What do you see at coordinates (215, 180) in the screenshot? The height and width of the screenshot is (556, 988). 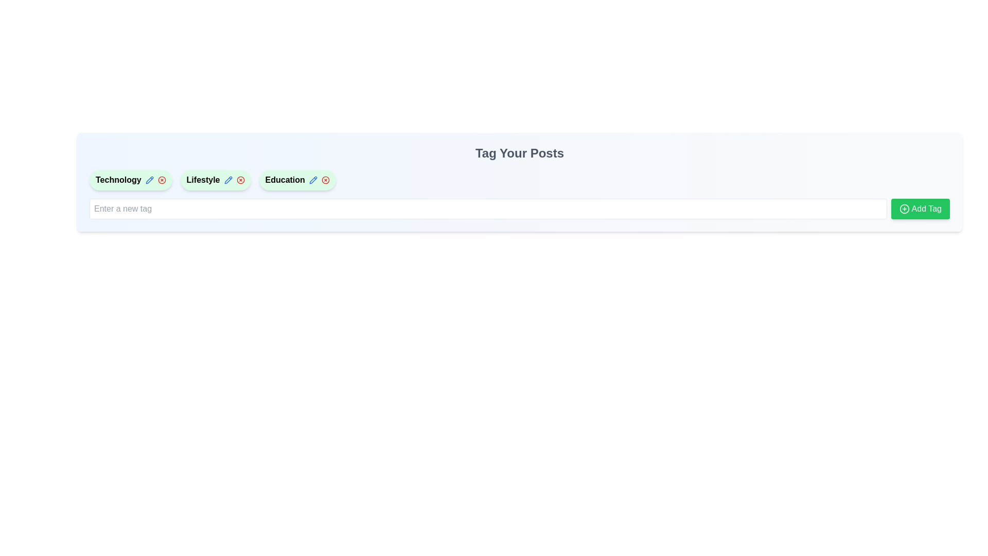 I see `the 'Lifestyle' tag button located between the 'Technology' and 'Education' tags under the header 'Tag Your Posts'` at bounding box center [215, 180].